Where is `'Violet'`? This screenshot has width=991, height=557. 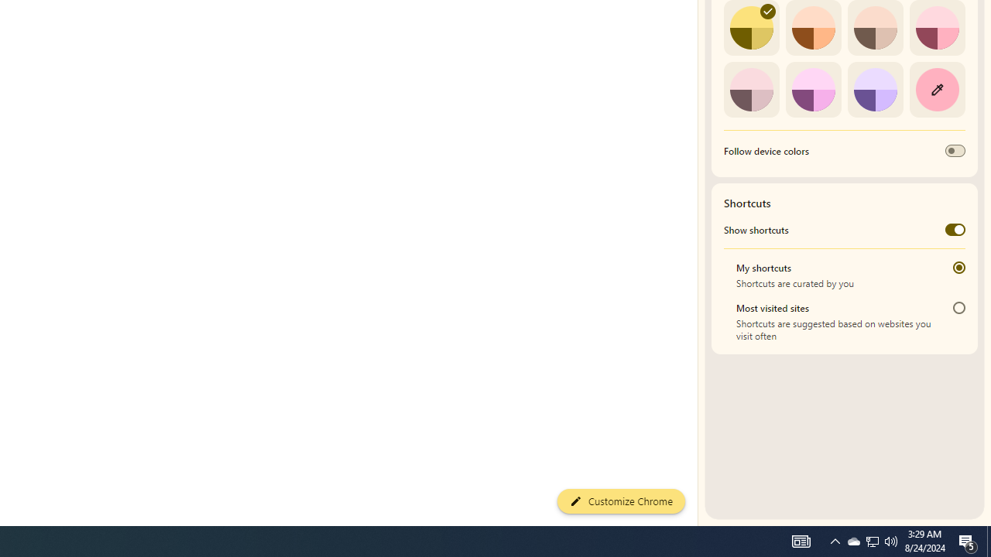
'Violet' is located at coordinates (875, 89).